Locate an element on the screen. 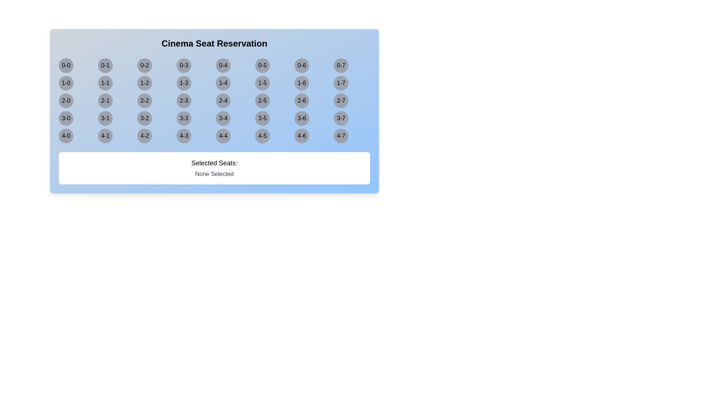 The width and height of the screenshot is (705, 396). the circular button labeled '3-4' with a gray background is located at coordinates (223, 118).